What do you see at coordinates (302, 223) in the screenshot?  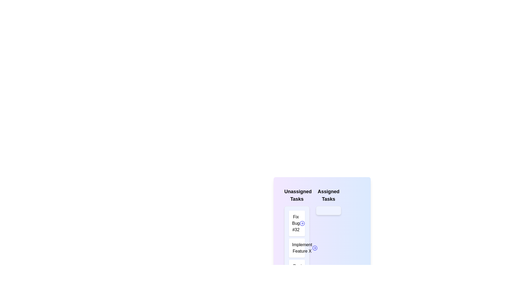 I see `arrow button next to the task 'Fix Bug #32' in the 'Unassigned Tasks' list to transfer it to 'Assigned Tasks'` at bounding box center [302, 223].